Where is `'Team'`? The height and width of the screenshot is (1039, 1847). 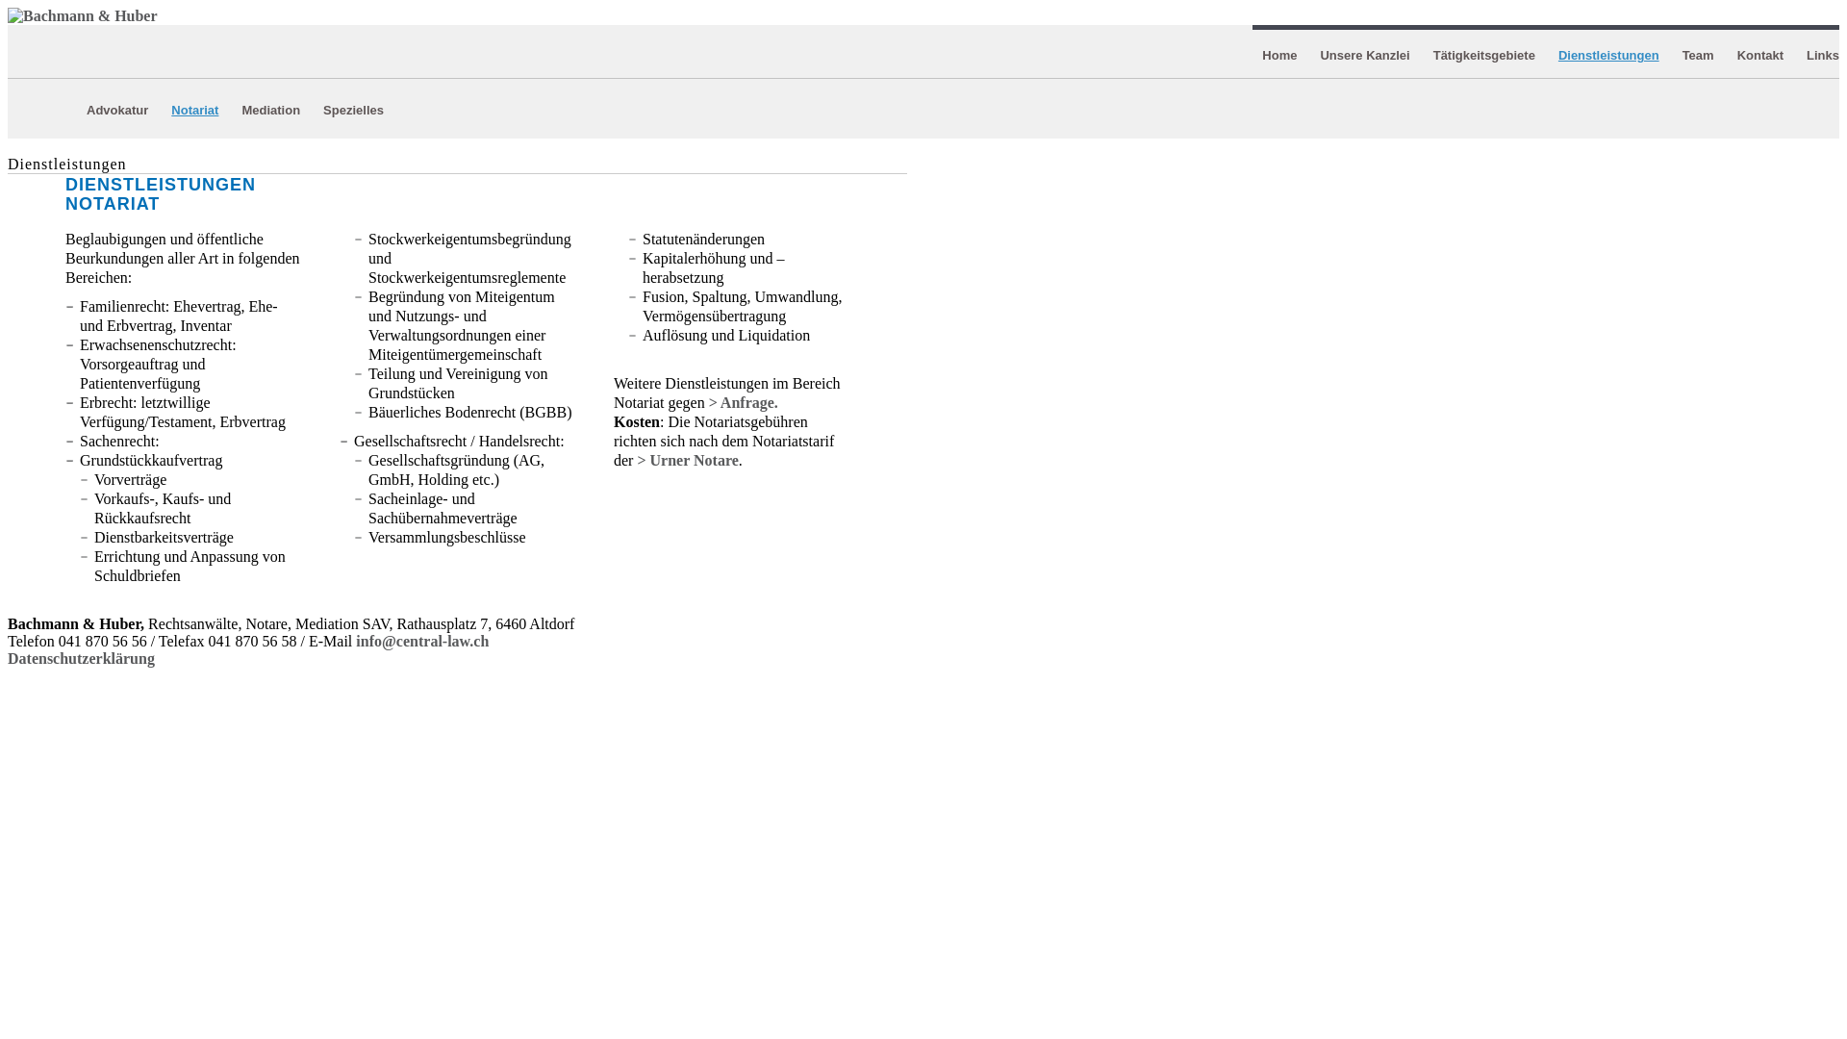 'Team' is located at coordinates (1698, 54).